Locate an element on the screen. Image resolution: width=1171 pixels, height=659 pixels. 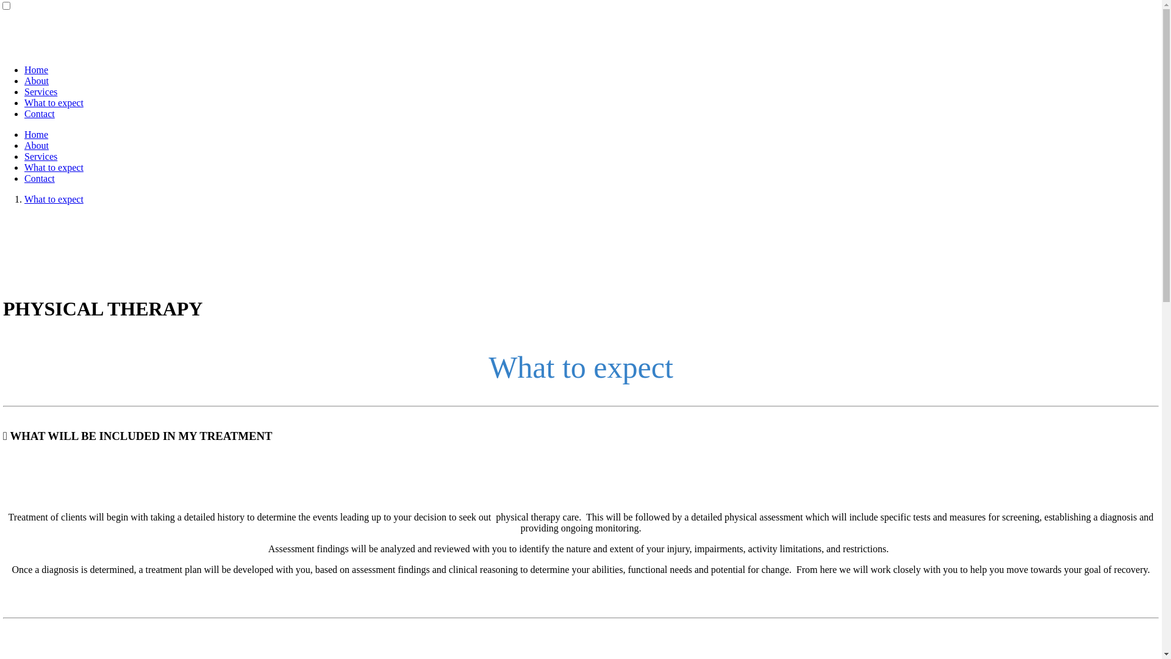
'What to expect' is located at coordinates (53, 198).